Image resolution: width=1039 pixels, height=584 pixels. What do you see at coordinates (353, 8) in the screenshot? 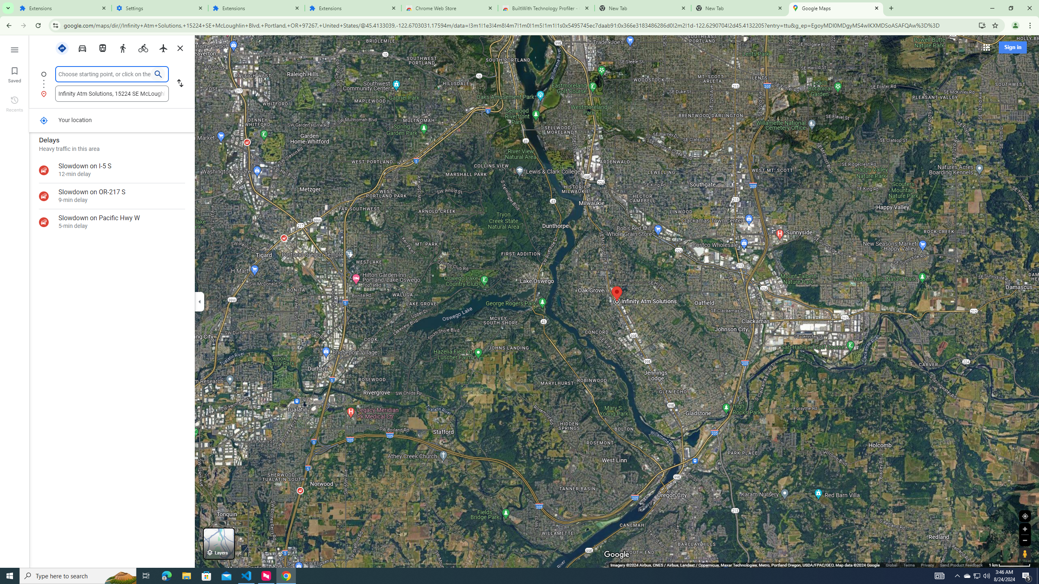
I see `'Extensions'` at bounding box center [353, 8].